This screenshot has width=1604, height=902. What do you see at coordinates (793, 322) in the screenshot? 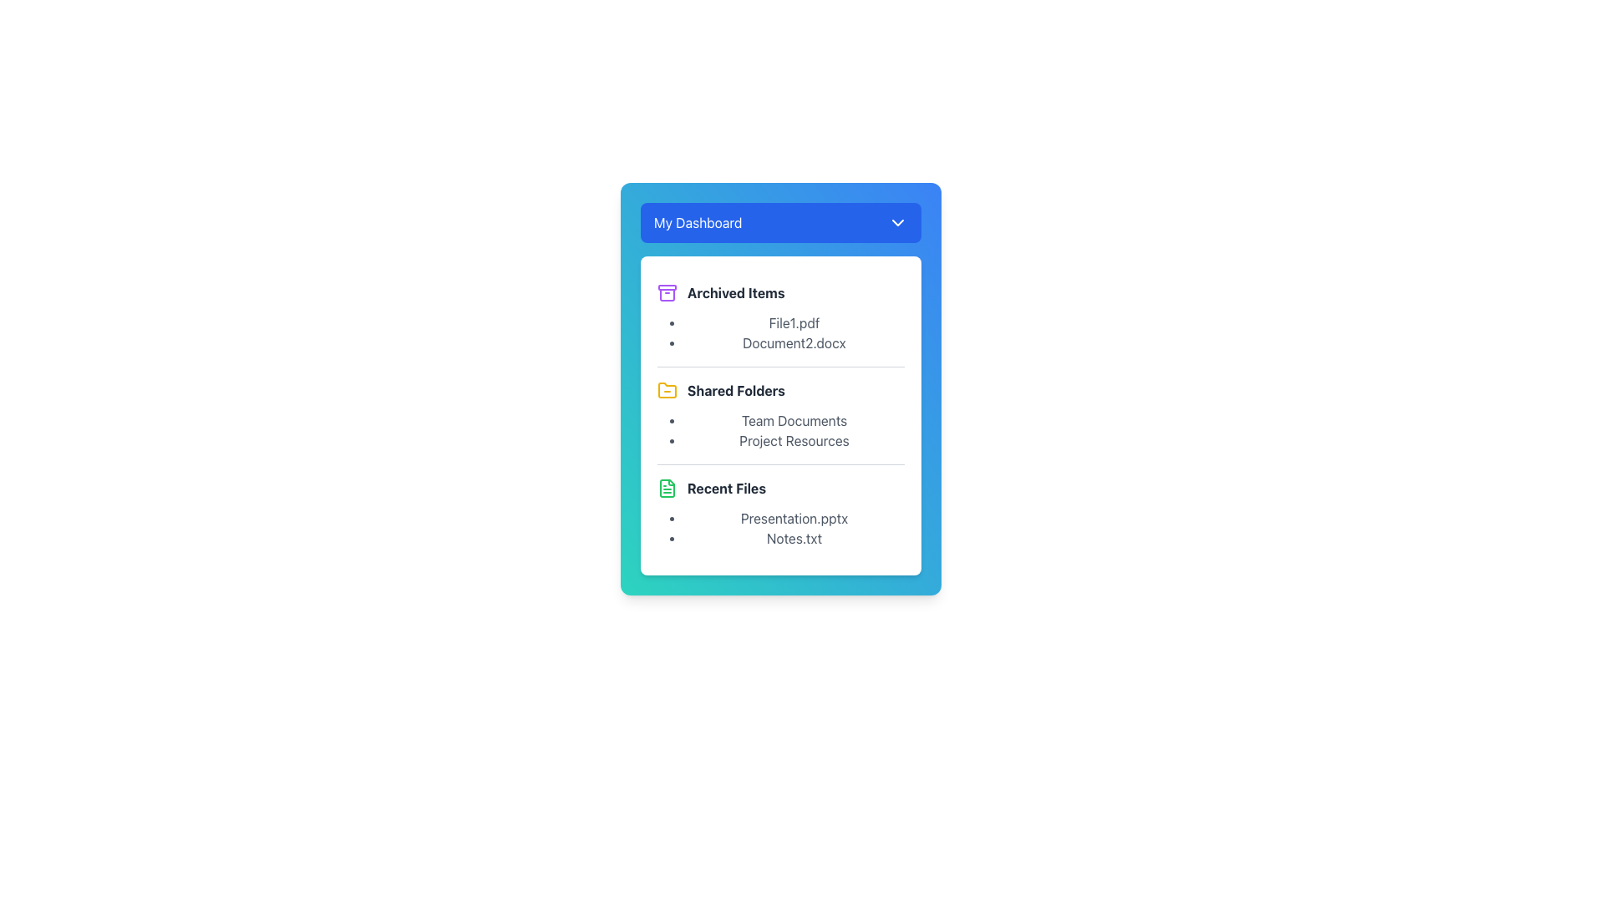
I see `the text label that reads 'File1.pdf' located within the 'Archived Items' section of the card-styled UI` at bounding box center [793, 322].